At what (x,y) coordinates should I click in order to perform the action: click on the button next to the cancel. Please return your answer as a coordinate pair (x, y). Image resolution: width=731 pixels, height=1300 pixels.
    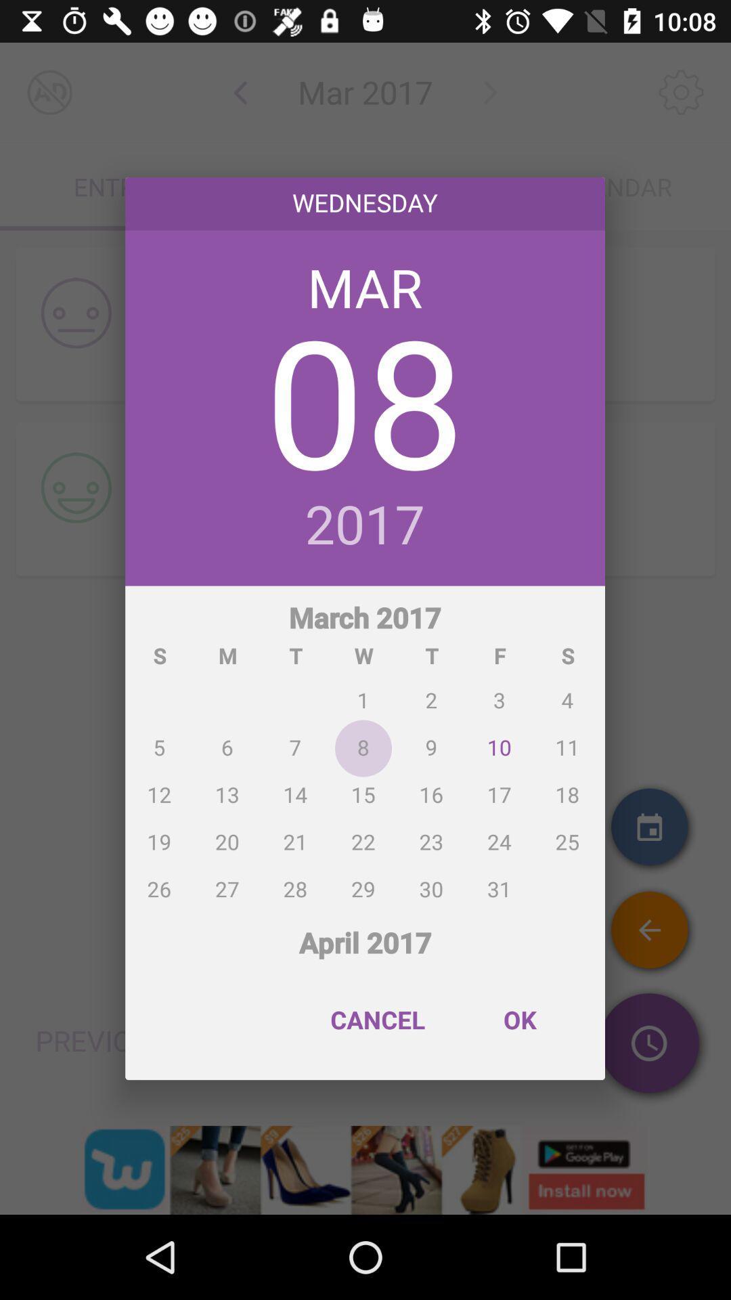
    Looking at the image, I should click on (518, 1020).